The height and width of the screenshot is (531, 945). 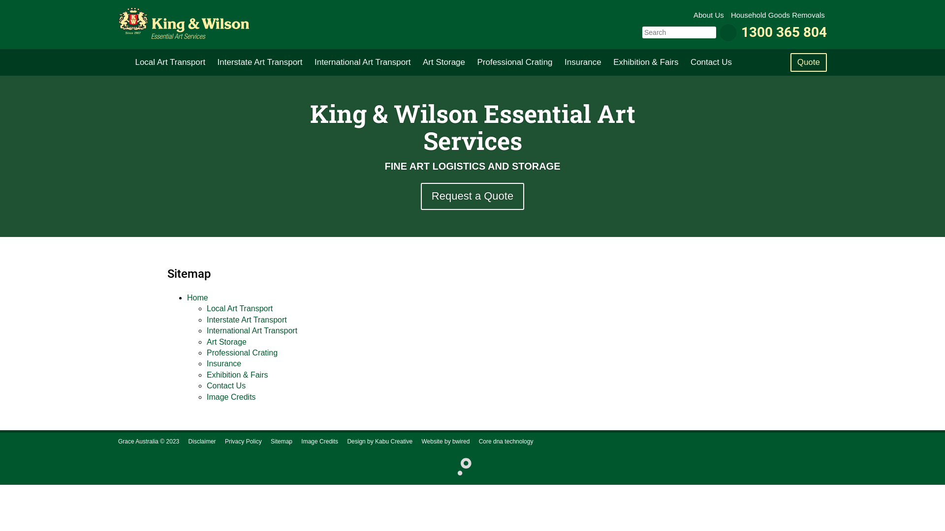 What do you see at coordinates (319, 441) in the screenshot?
I see `'Image Credits'` at bounding box center [319, 441].